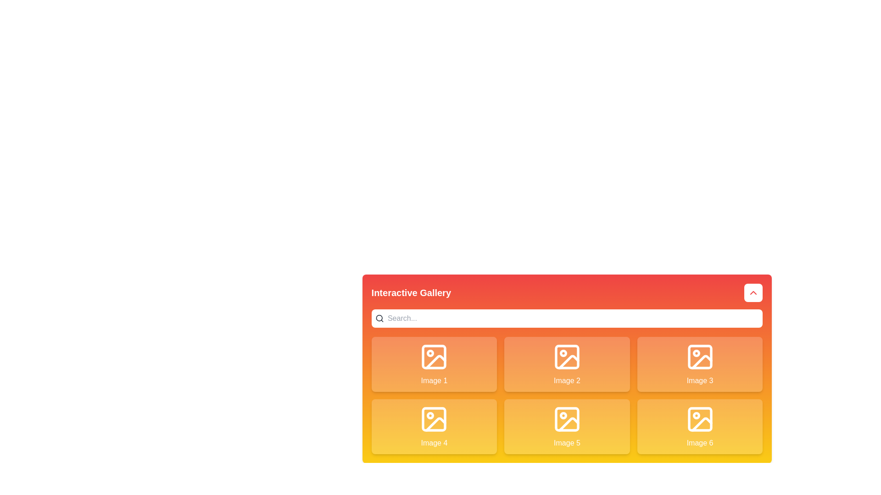 The height and width of the screenshot is (495, 881). What do you see at coordinates (566, 357) in the screenshot?
I see `the small square-like decorative shape with rounded corners inside the image gallery icon, located in the second cell of the first row` at bounding box center [566, 357].